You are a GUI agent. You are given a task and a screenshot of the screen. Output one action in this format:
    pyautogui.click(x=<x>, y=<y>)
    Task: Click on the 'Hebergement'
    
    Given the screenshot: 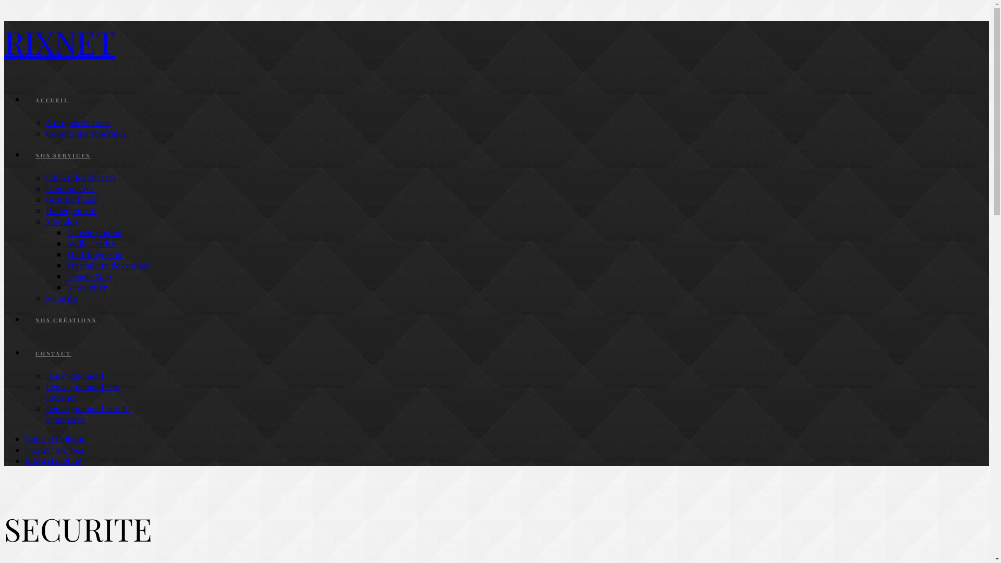 What is the action you would take?
    pyautogui.click(x=71, y=210)
    